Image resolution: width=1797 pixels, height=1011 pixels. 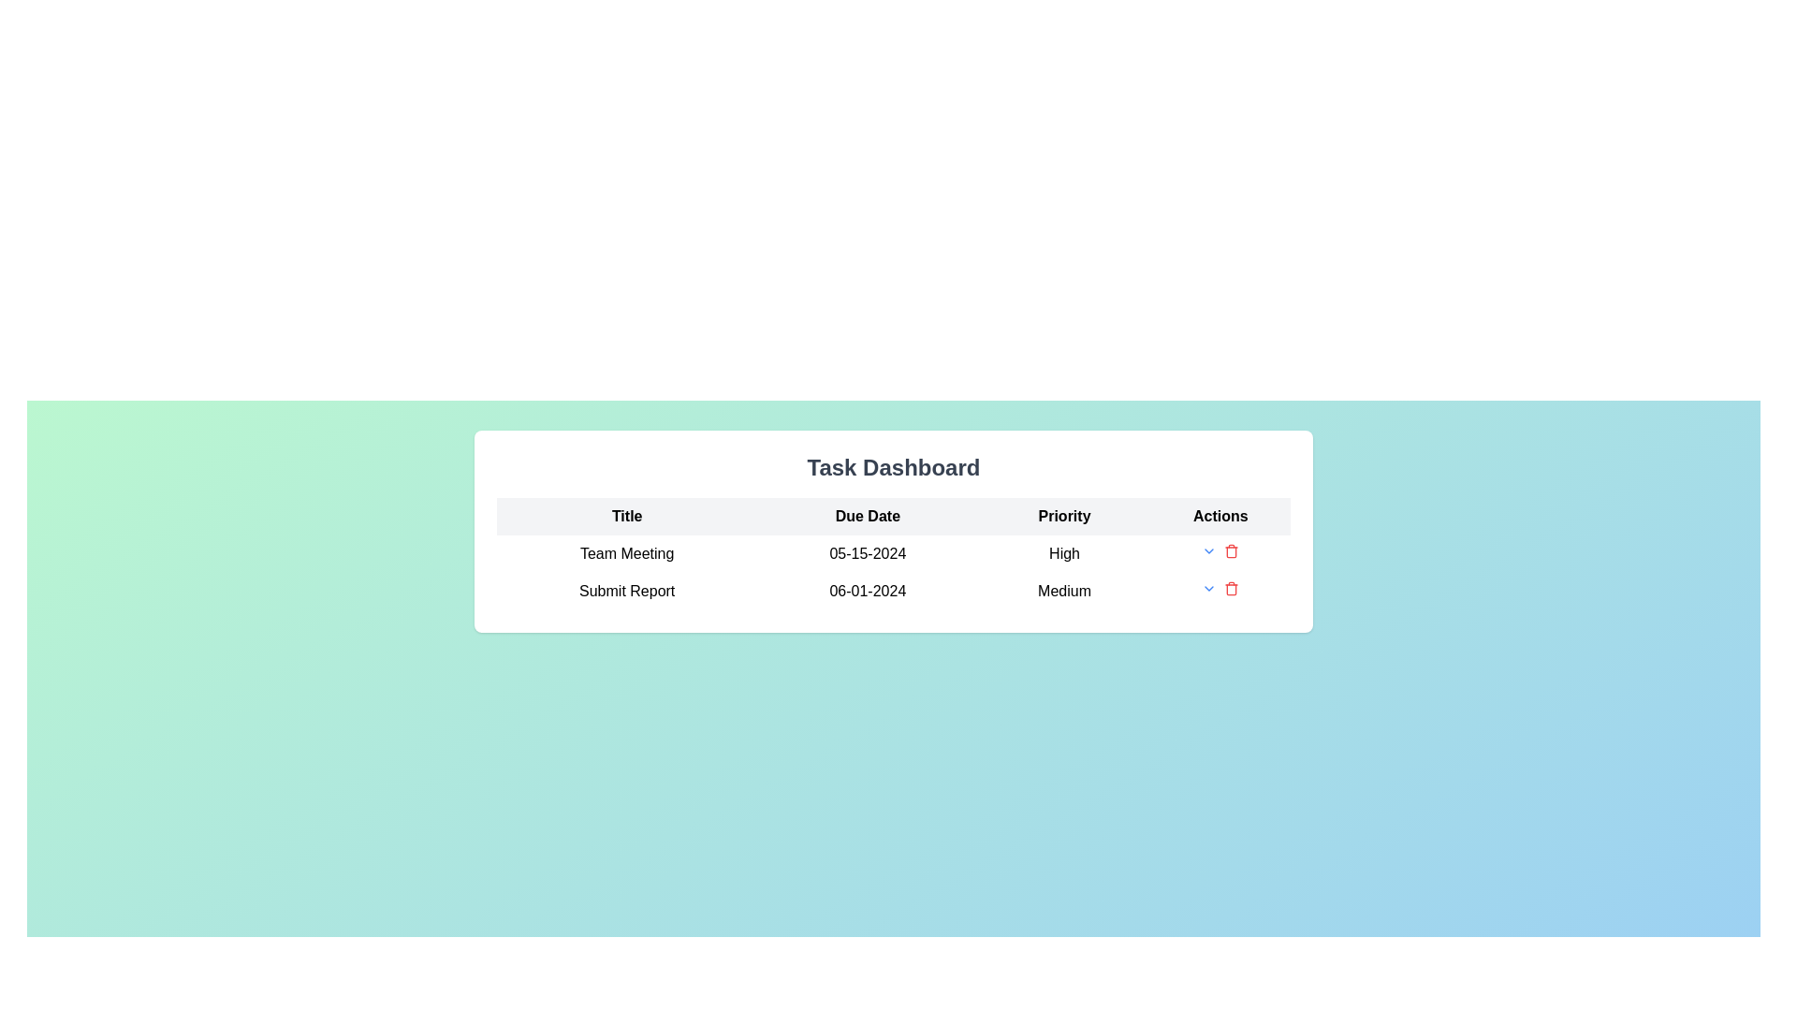 What do you see at coordinates (893, 592) in the screenshot?
I see `the table row containing the title 'Submit Report,' due date '06-01-2024,' and priority level 'Medium.' This row is located in the 'Task Dashboard' table, directly below the row for 'Team Meeting.'` at bounding box center [893, 592].